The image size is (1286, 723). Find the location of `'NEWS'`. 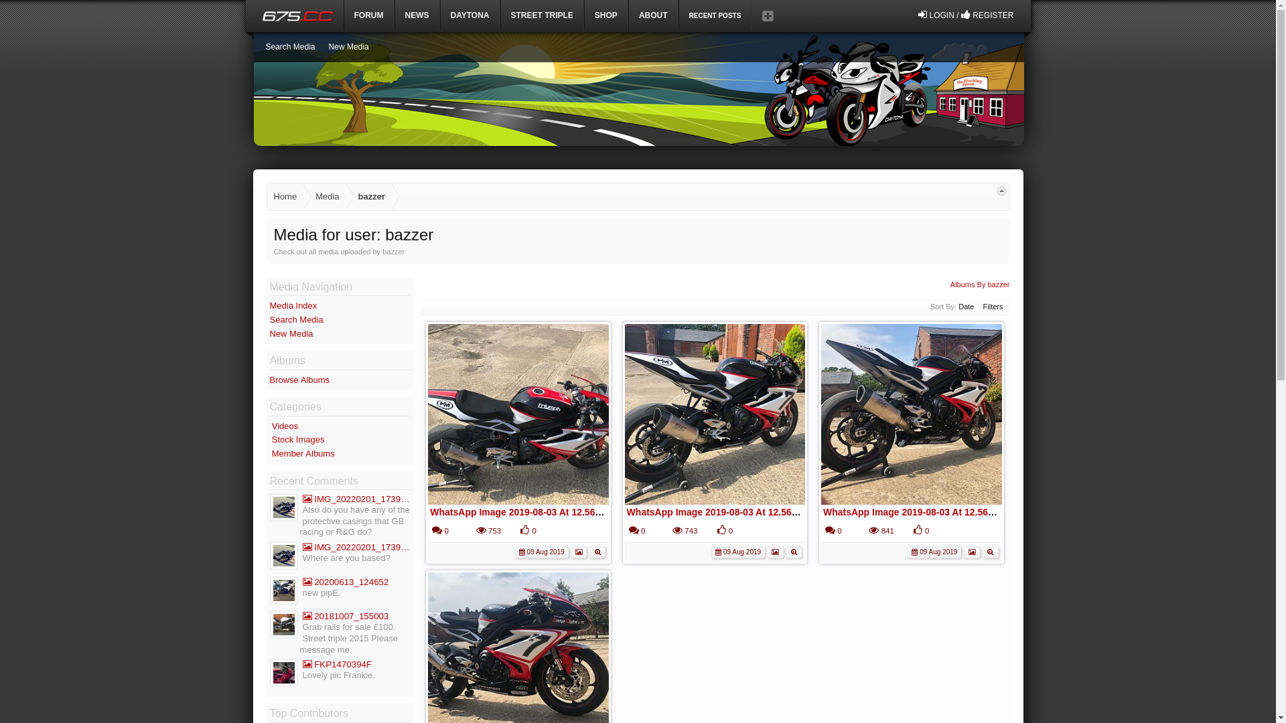

'NEWS' is located at coordinates (395, 15).